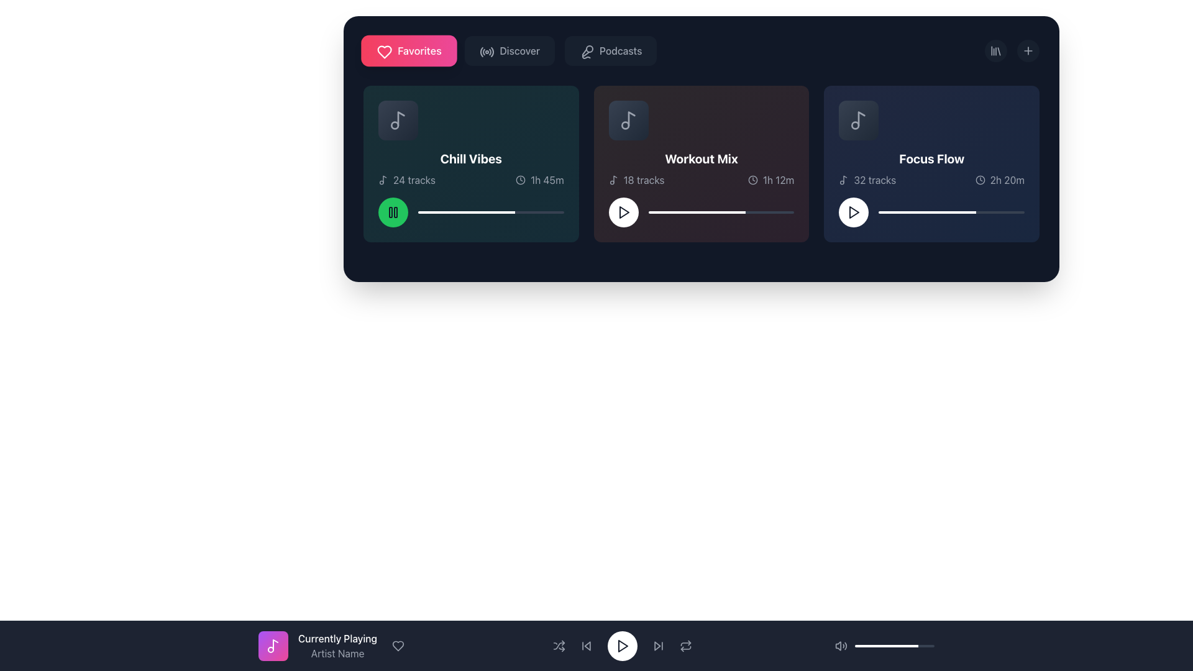 The width and height of the screenshot is (1193, 671). What do you see at coordinates (1028, 50) in the screenshot?
I see `the circular button with a dark background and lighter border that contains a white '+' icon, located at the top-right corner of the interface` at bounding box center [1028, 50].